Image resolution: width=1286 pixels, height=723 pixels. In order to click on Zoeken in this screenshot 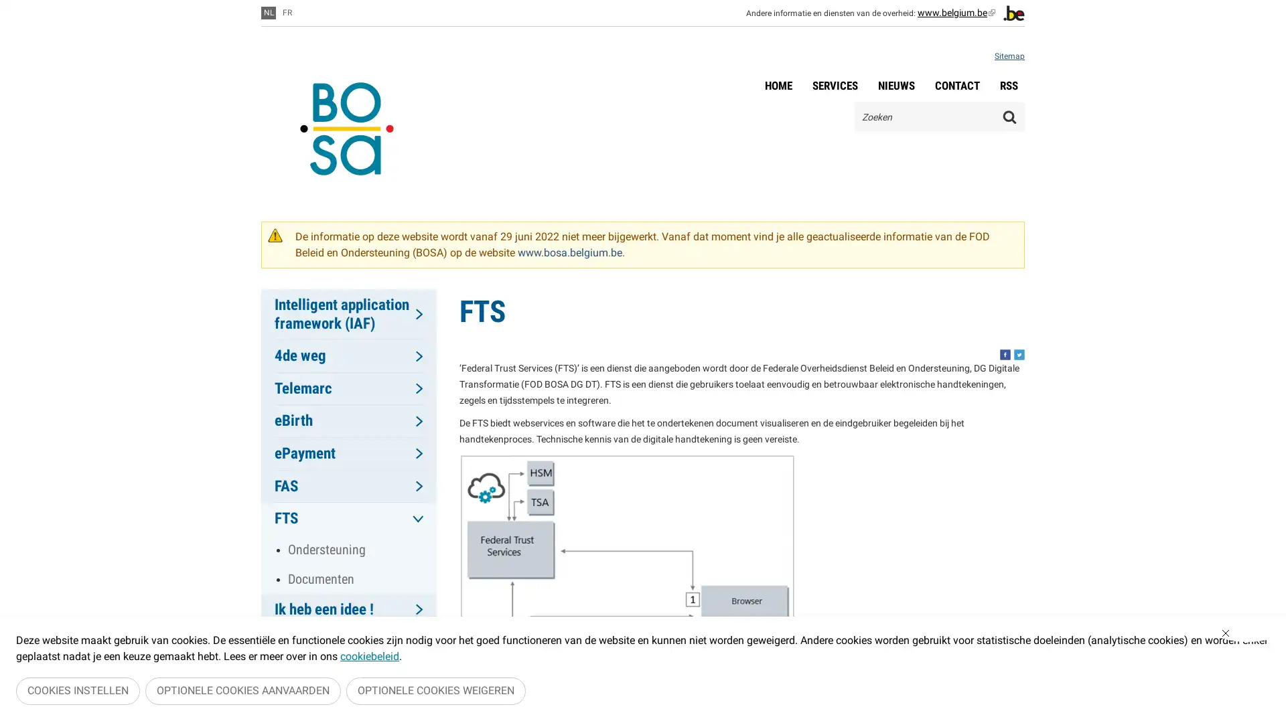, I will do `click(1009, 116)`.